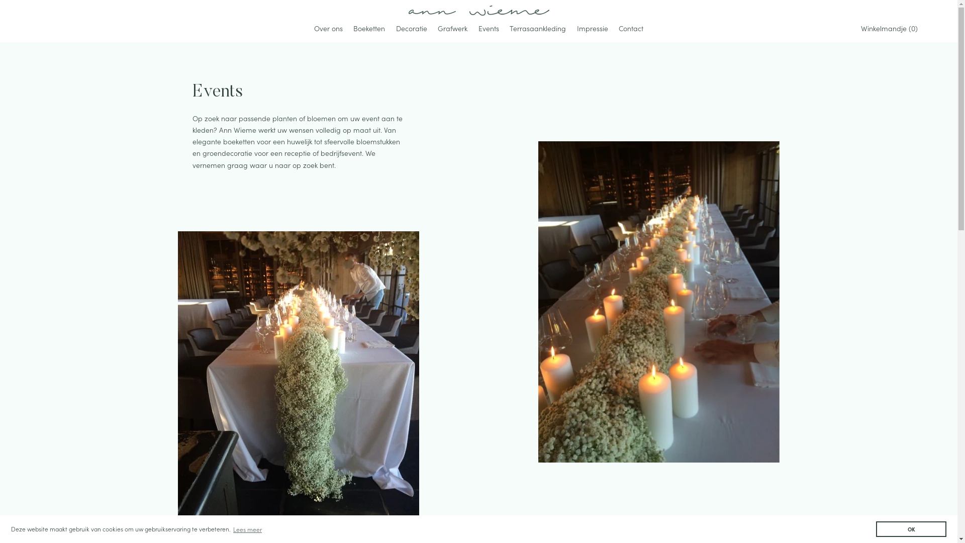  What do you see at coordinates (489, 29) in the screenshot?
I see `'Events'` at bounding box center [489, 29].